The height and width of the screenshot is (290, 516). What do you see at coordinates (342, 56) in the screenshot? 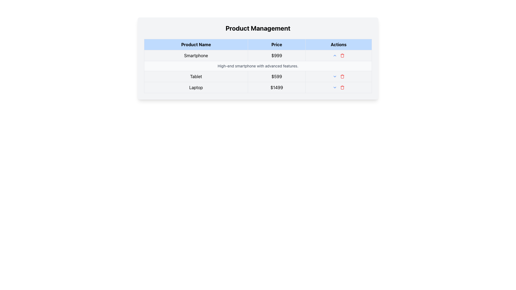
I see `the trash can icon button in the 'Actions' column, which is red in color and located in the first row aligned with the 'Smartphone' entry` at bounding box center [342, 56].